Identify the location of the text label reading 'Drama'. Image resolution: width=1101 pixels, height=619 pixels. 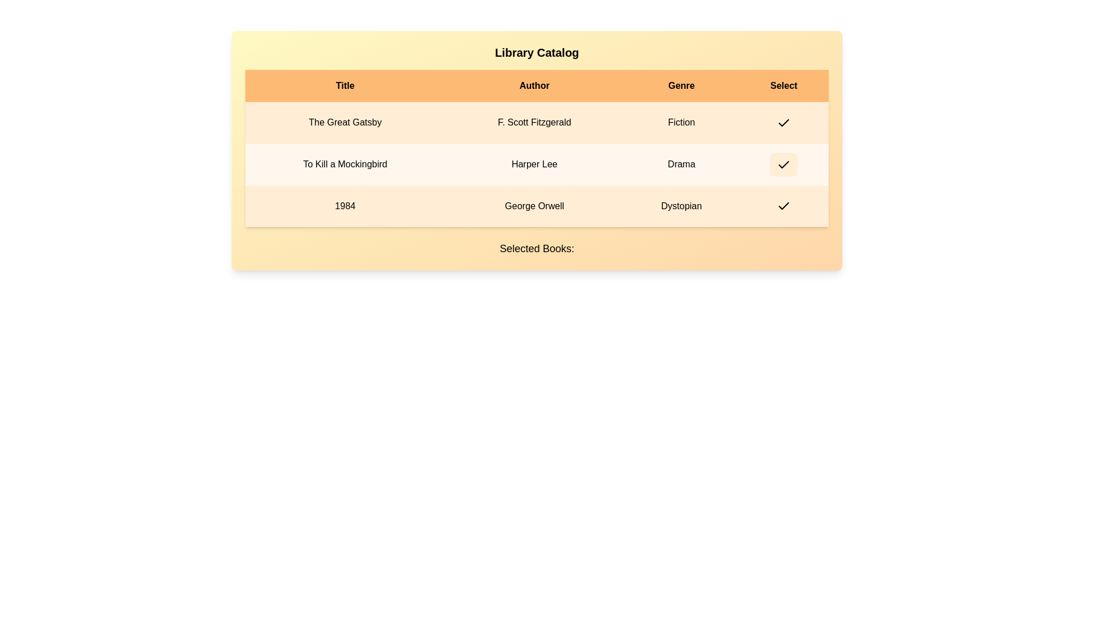
(681, 164).